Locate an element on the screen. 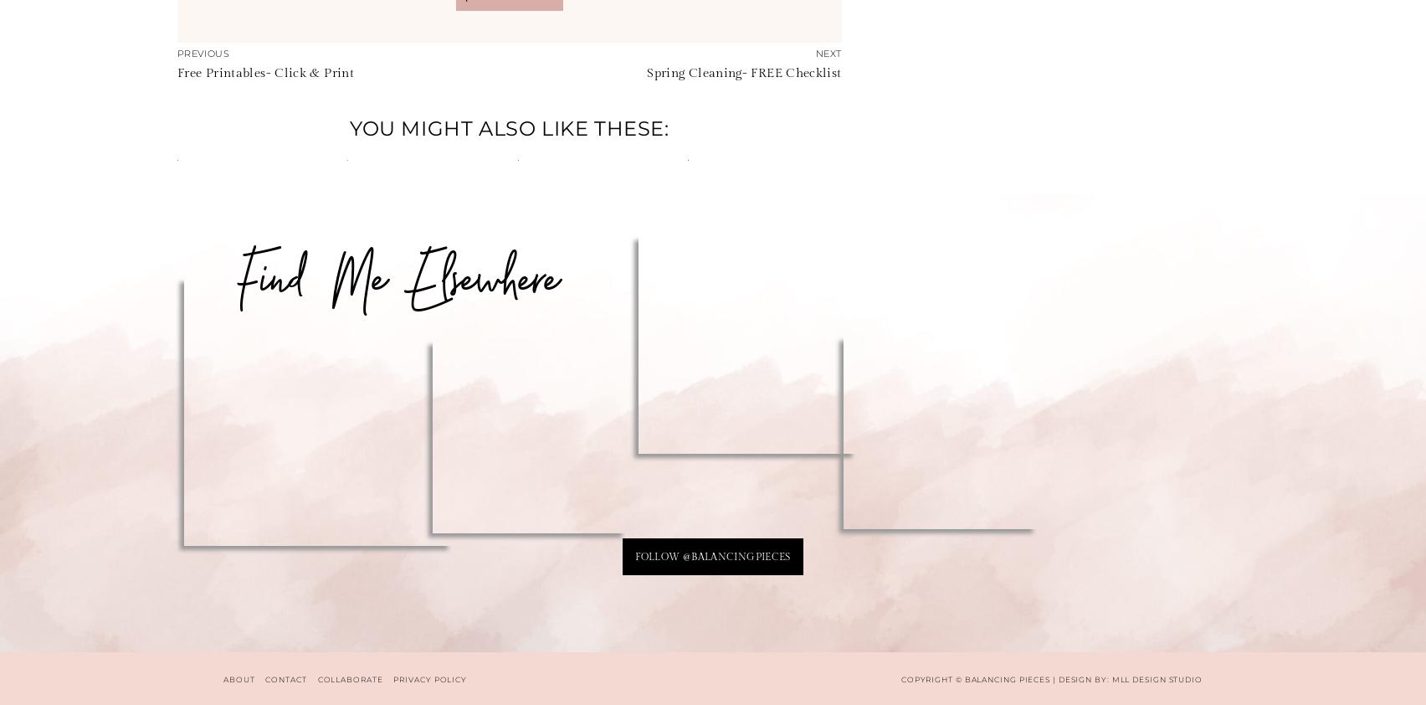  'COLLABORATE' is located at coordinates (348, 678).